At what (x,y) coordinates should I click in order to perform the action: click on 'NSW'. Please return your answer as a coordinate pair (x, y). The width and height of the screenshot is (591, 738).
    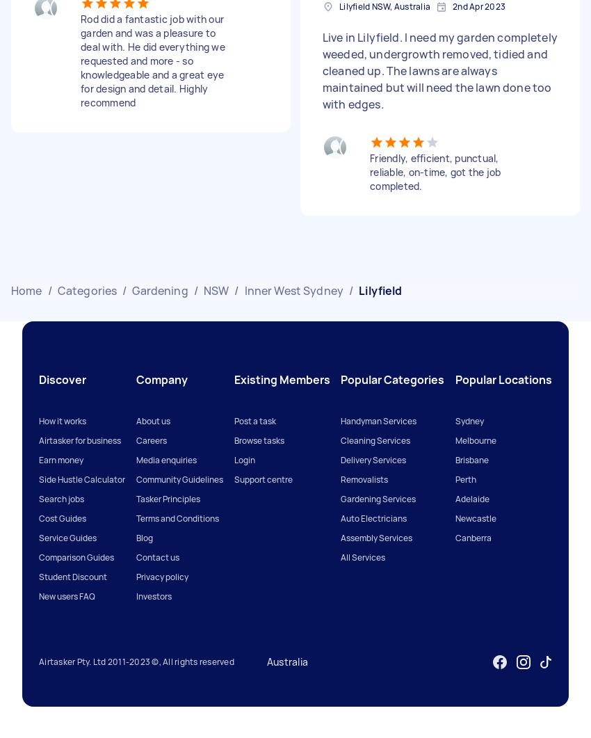
    Looking at the image, I should click on (216, 291).